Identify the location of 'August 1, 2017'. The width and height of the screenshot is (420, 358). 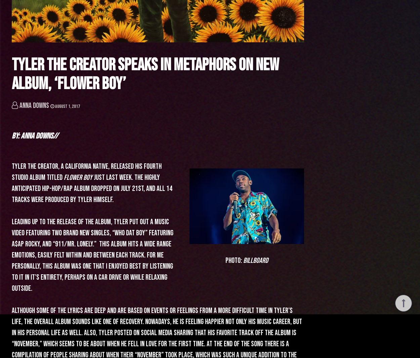
(67, 106).